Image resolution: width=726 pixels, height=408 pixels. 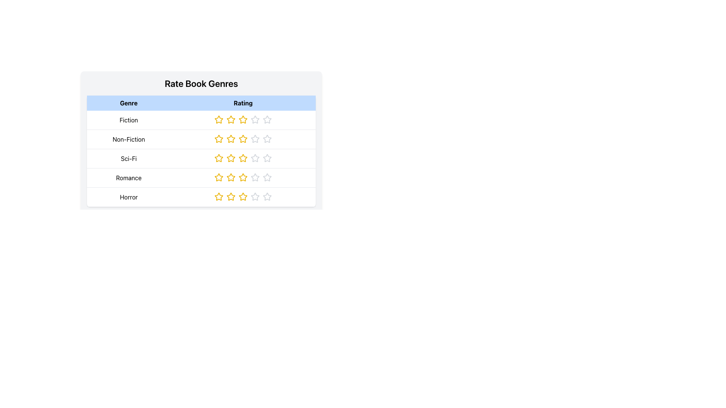 I want to click on the 'Horror' genre text label located in the last row of the genre column, aligned with the rating stars, so click(x=129, y=196).